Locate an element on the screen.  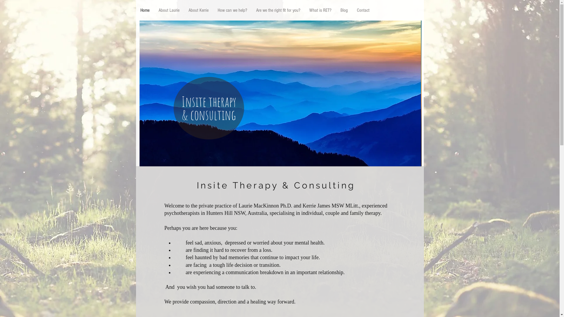
'What is RET?' is located at coordinates (304, 10).